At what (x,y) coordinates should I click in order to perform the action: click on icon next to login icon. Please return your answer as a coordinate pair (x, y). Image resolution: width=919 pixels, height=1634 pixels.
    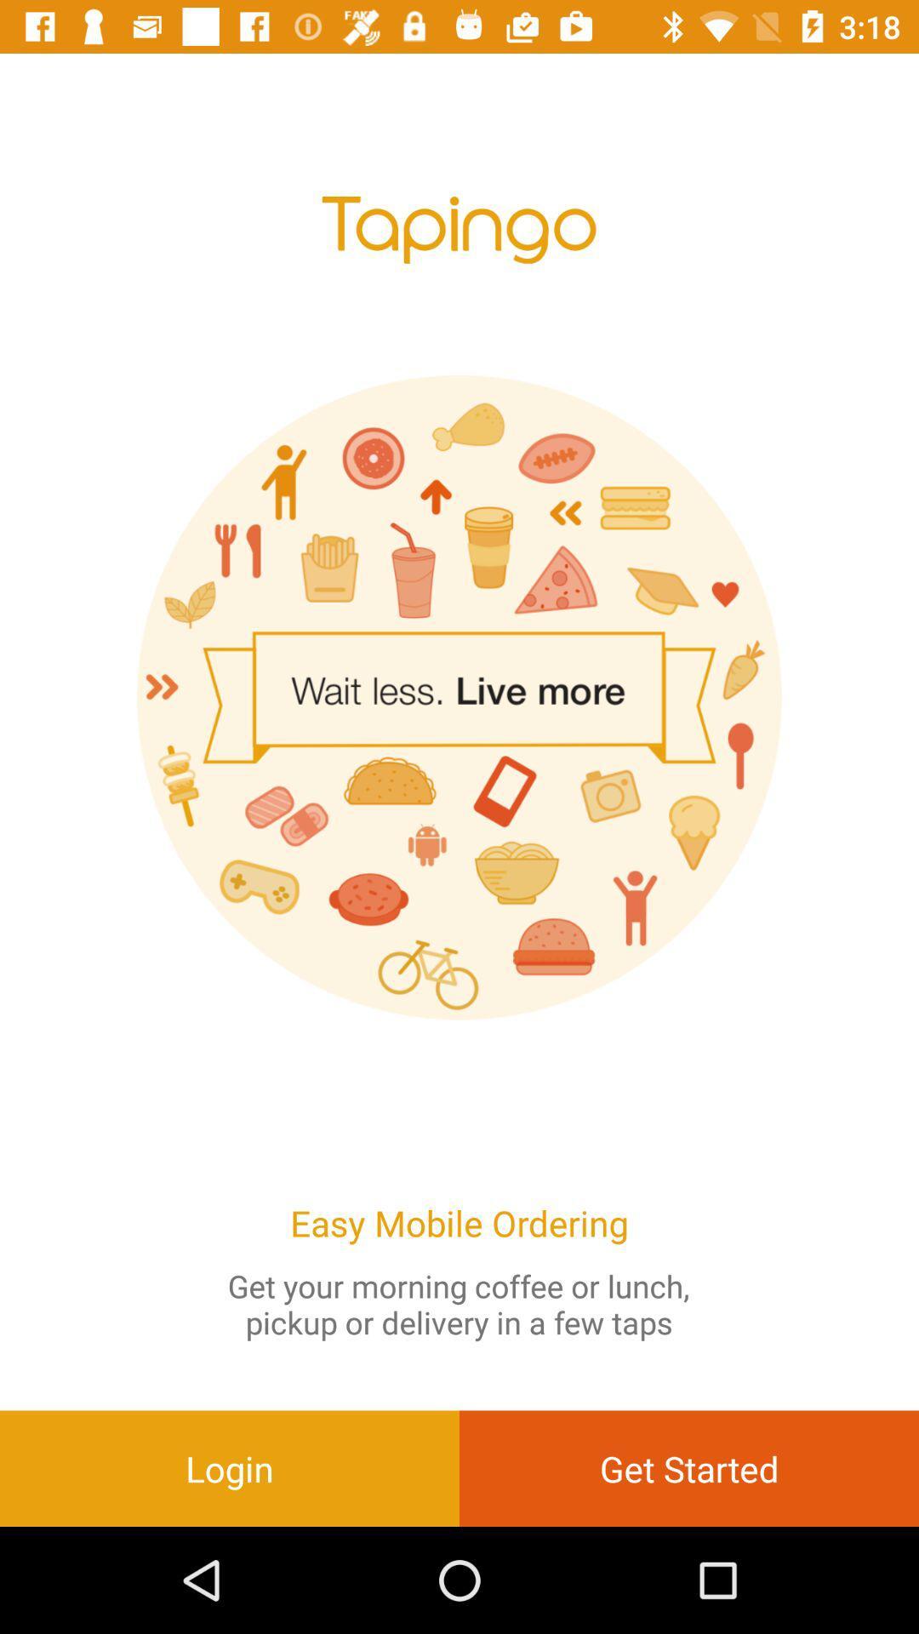
    Looking at the image, I should click on (689, 1467).